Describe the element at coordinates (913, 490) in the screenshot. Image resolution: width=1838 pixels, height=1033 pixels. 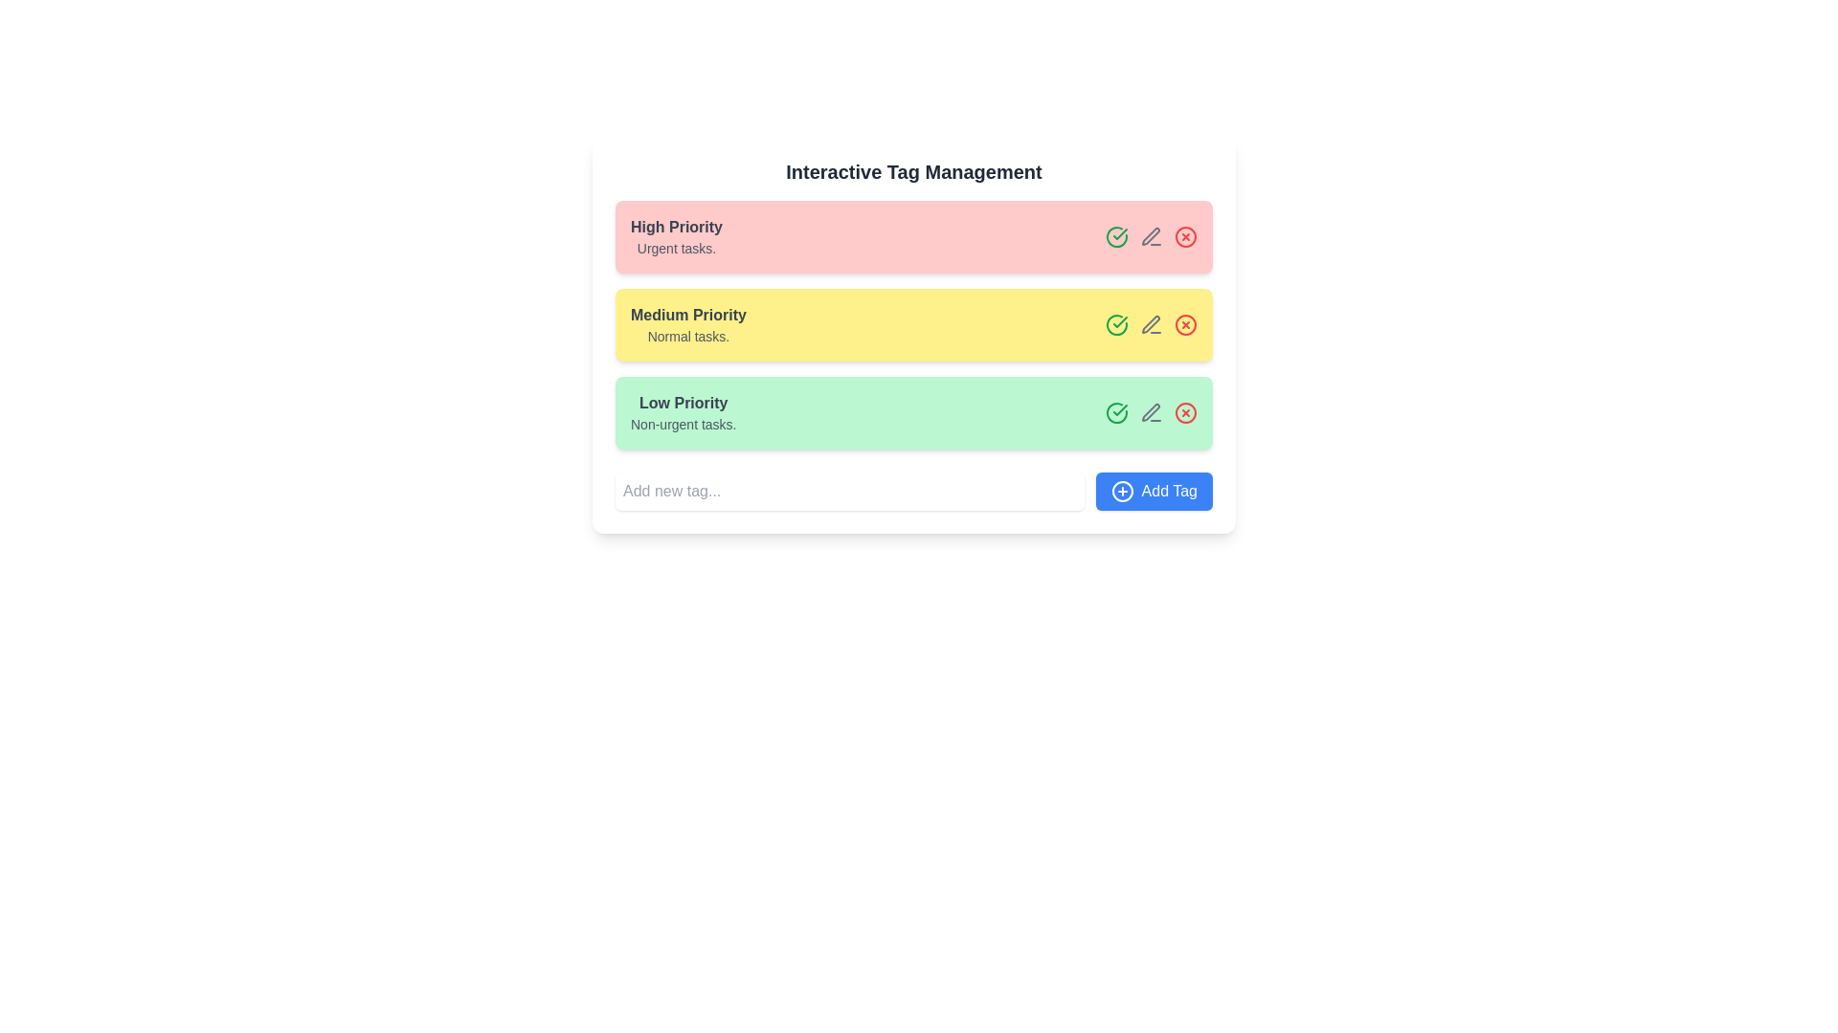
I see `the 'Add Tag' button located at the bottom of the 'Interactive Tag Management' section, which allows users` at that location.